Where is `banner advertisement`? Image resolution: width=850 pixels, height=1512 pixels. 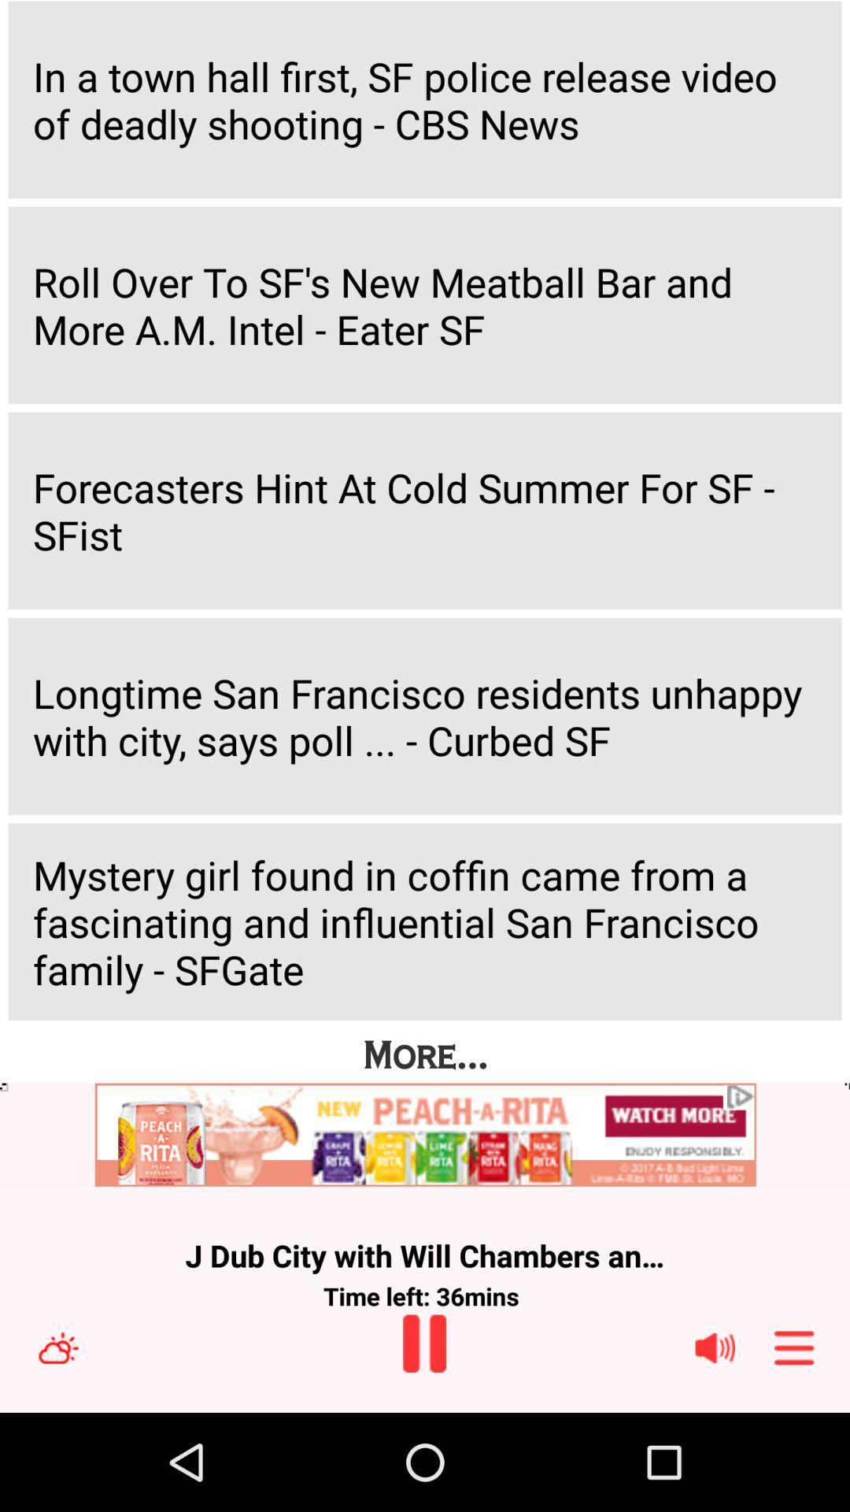 banner advertisement is located at coordinates (425, 1136).